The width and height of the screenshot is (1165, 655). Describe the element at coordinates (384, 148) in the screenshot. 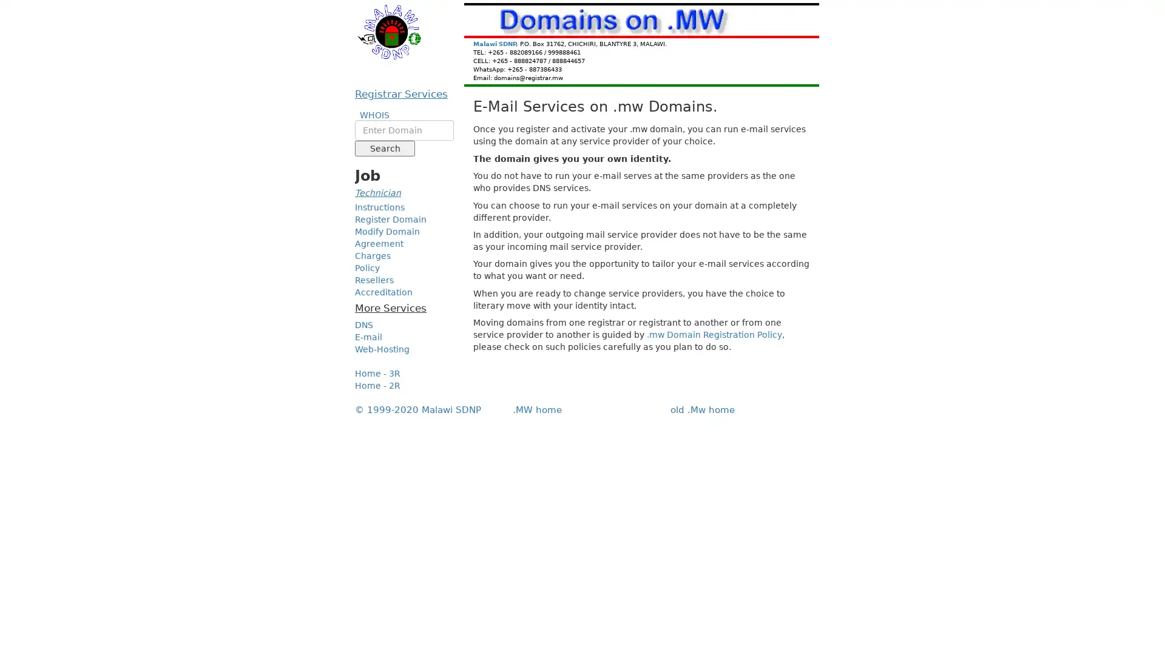

I see `Search` at that location.